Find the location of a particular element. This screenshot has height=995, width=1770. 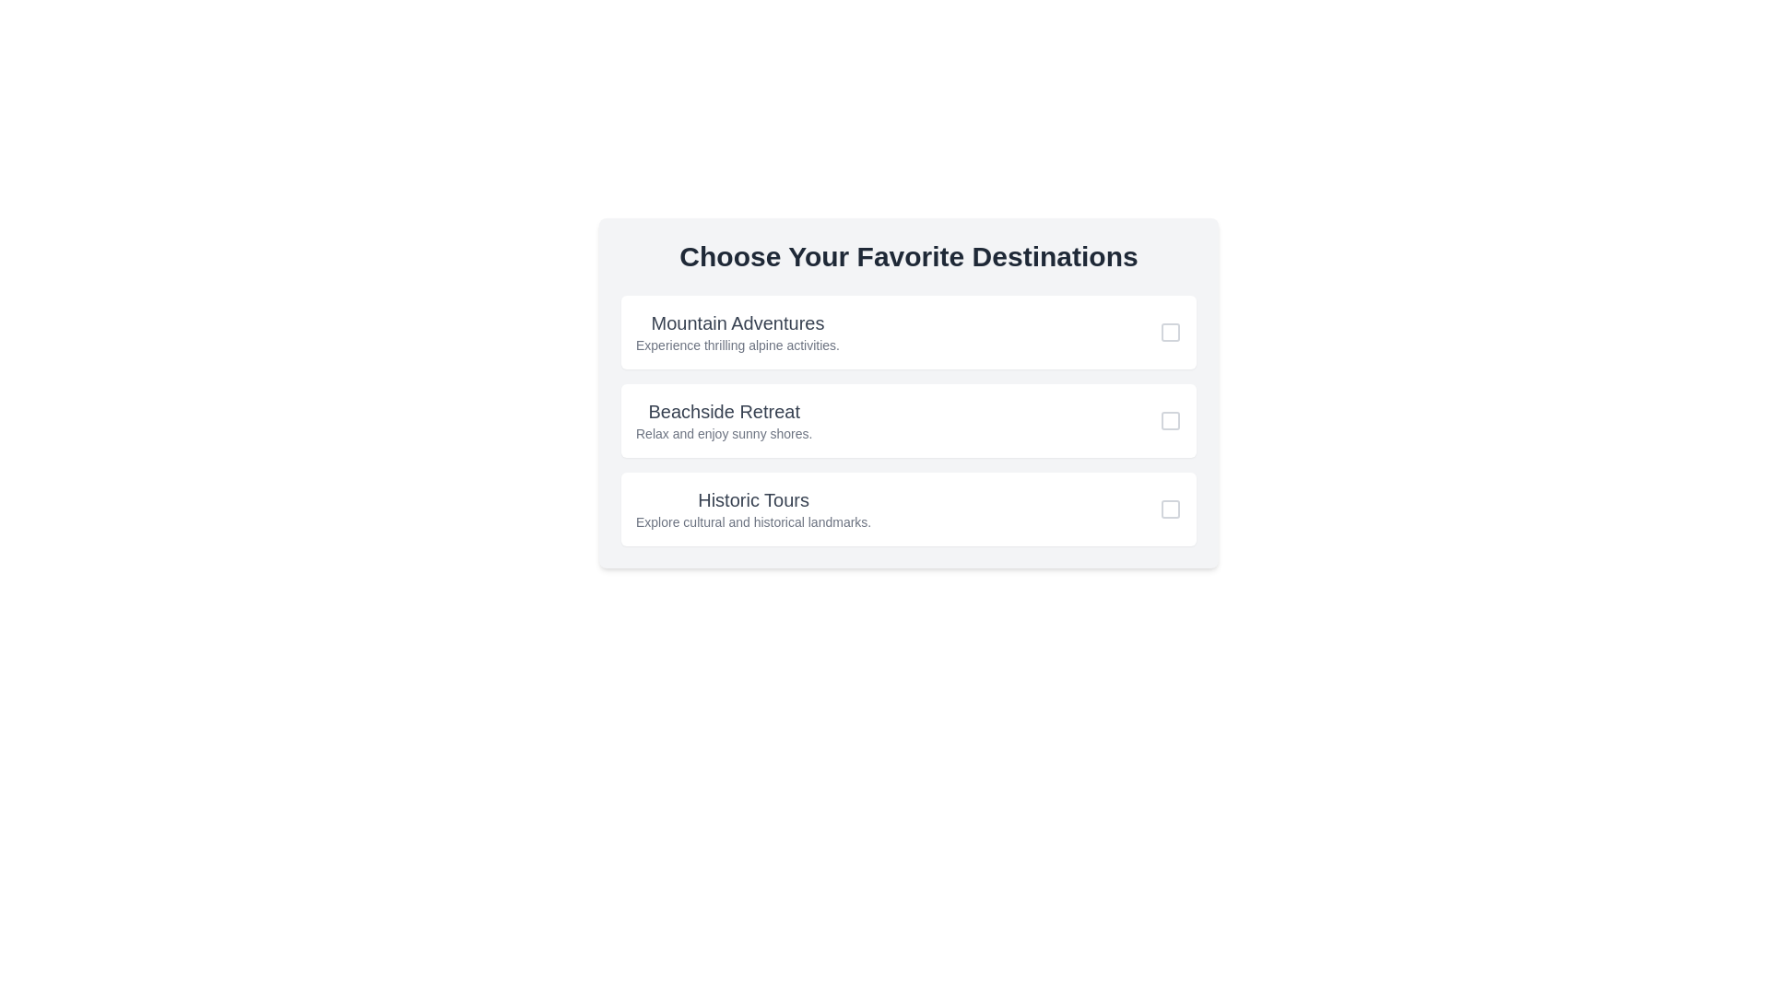

text content of the title and subtitle pair element displaying 'Beachside Retreat' and 'Relax and enjoy sunny shores.' is located at coordinates (723, 420).